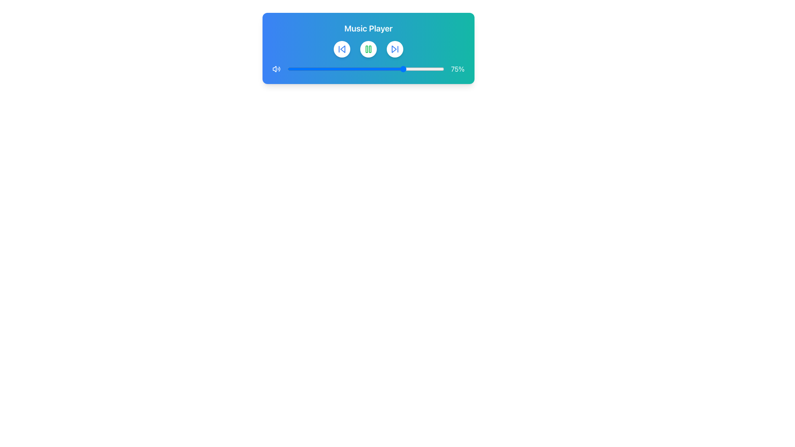  I want to click on the 'Skip Back' button icon located at the leftmost side of the music player control panel to invoke a skip back action, so click(343, 49).